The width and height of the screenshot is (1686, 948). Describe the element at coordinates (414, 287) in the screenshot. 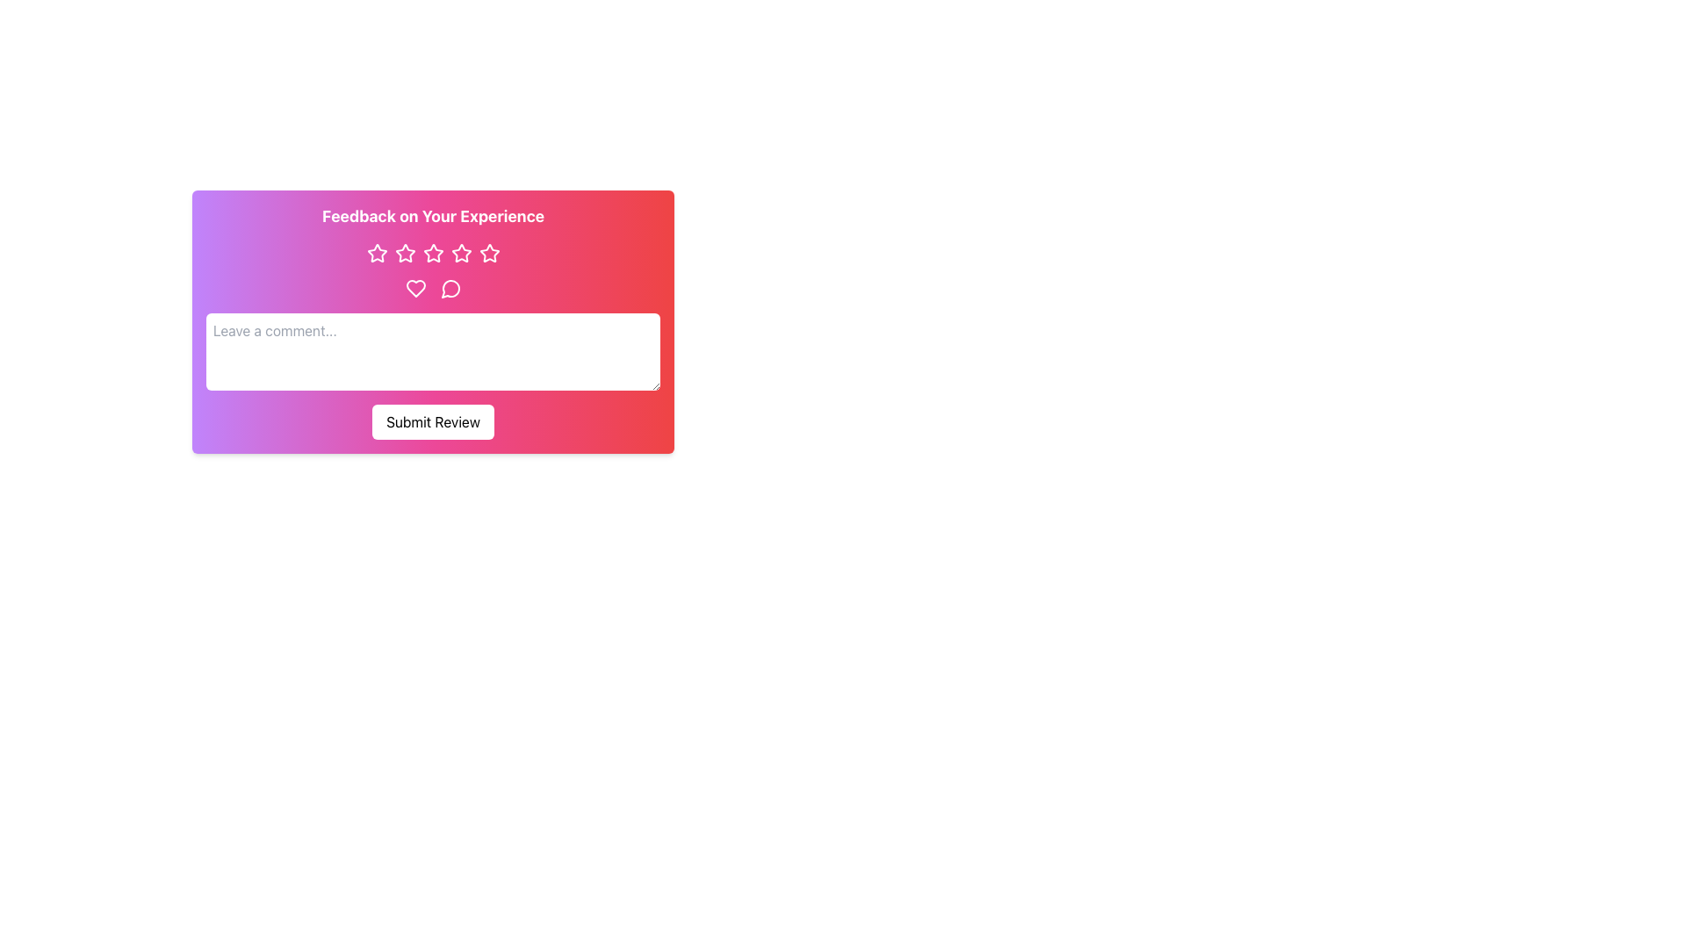

I see `the heart icon located centrally in the top section of the card, which is the third element in a row of feedback icons` at that location.